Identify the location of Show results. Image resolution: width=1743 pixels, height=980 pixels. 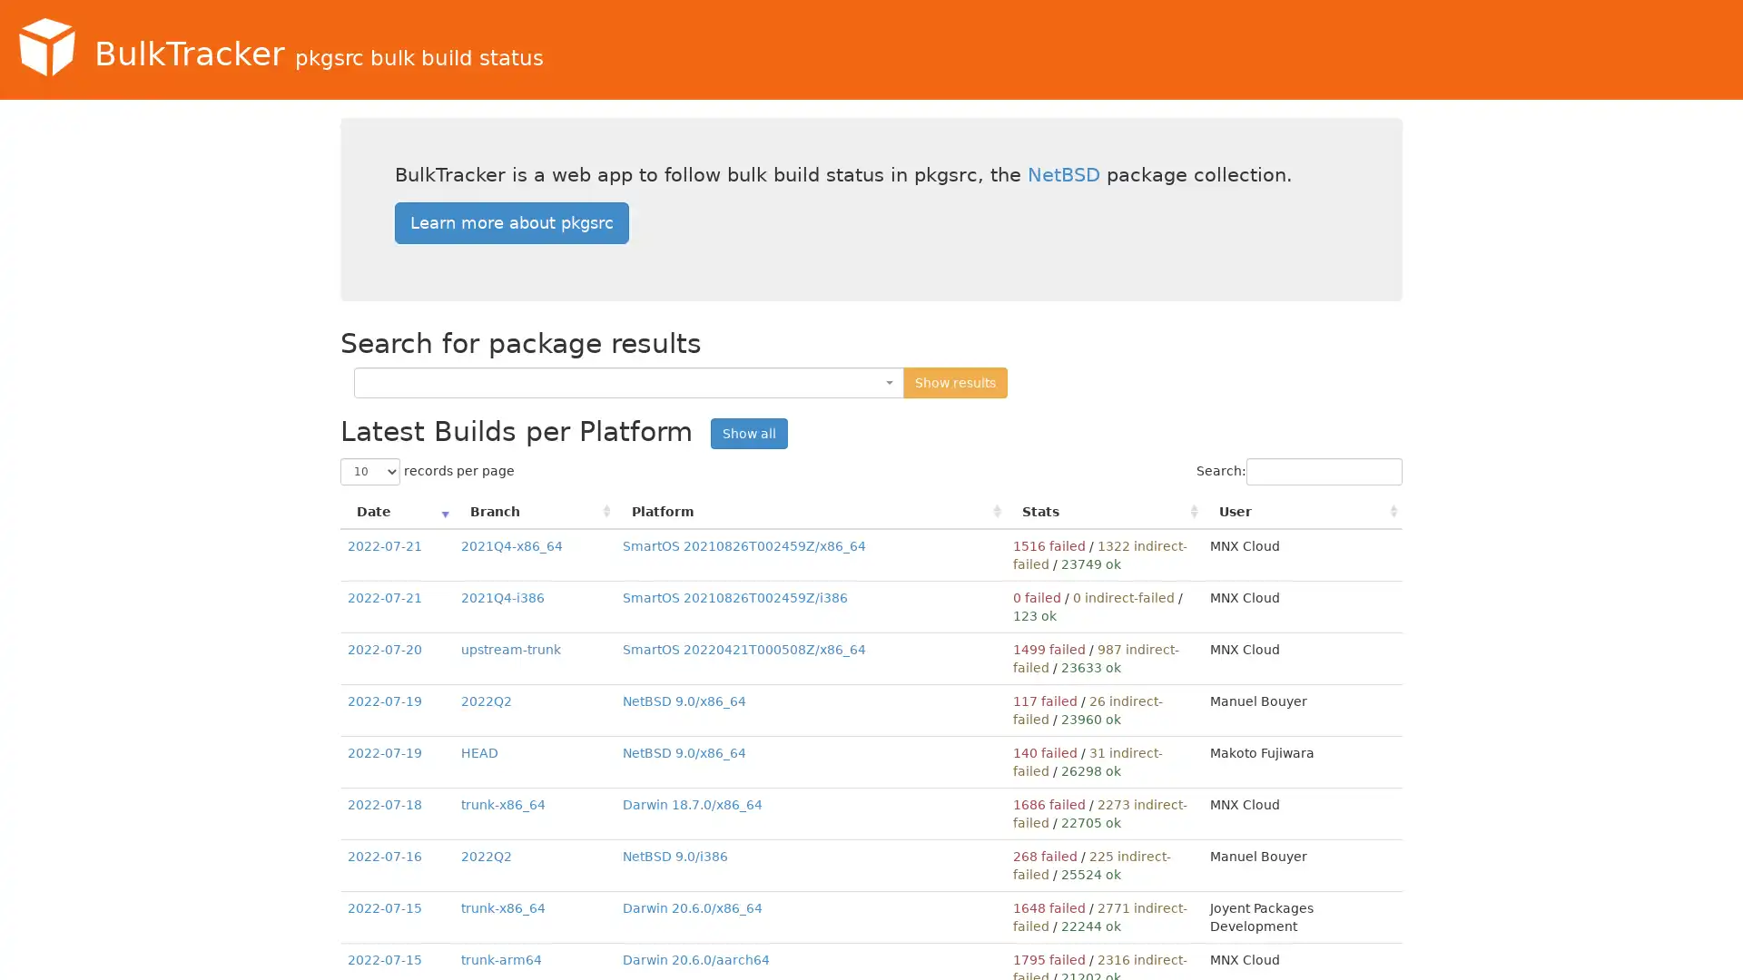
(954, 380).